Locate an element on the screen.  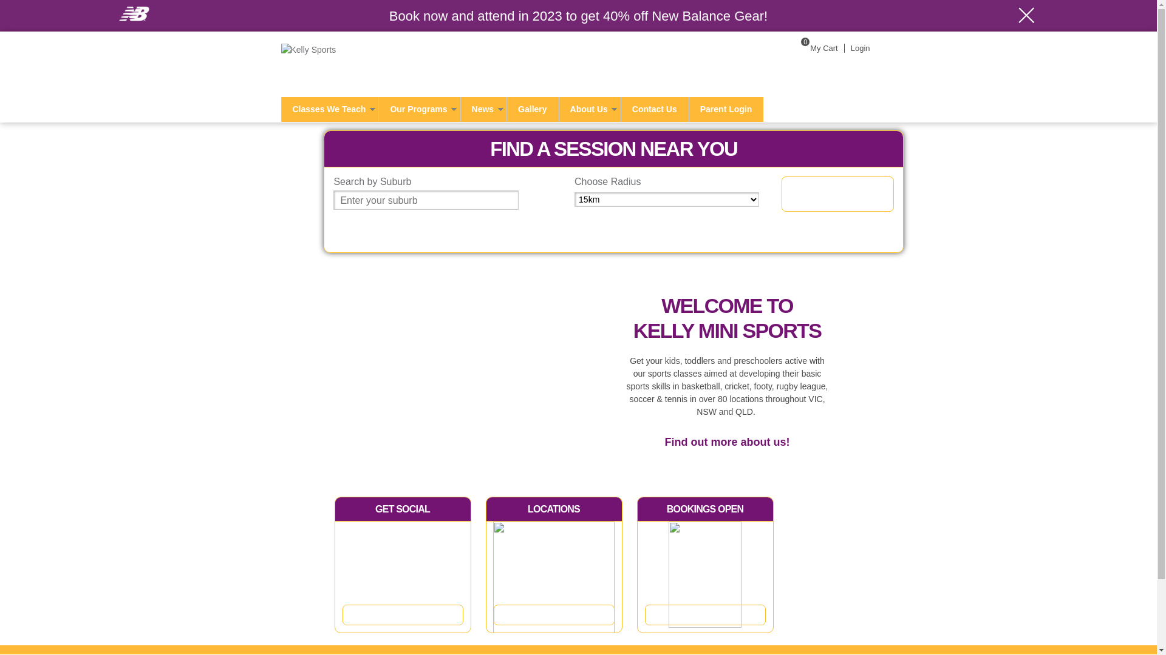
'LIKE US NOW' is located at coordinates (403, 614).